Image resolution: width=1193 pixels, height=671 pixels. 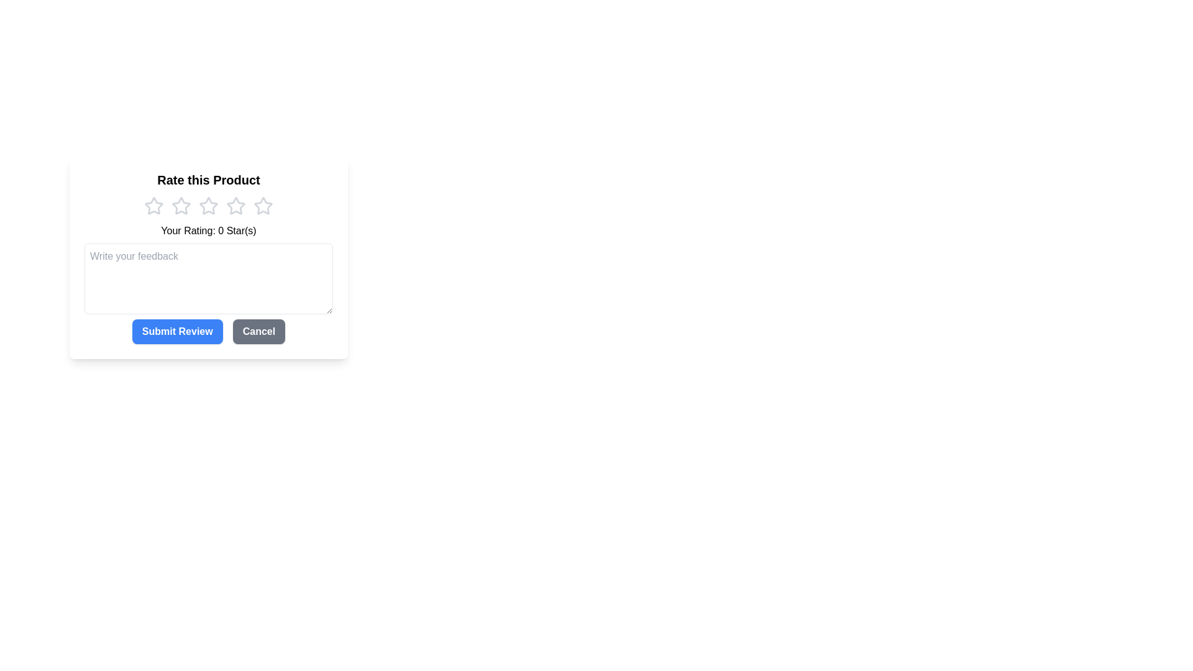 I want to click on the third star-shaped rating icon in the row of five using the keyboard for focus, so click(x=235, y=205).